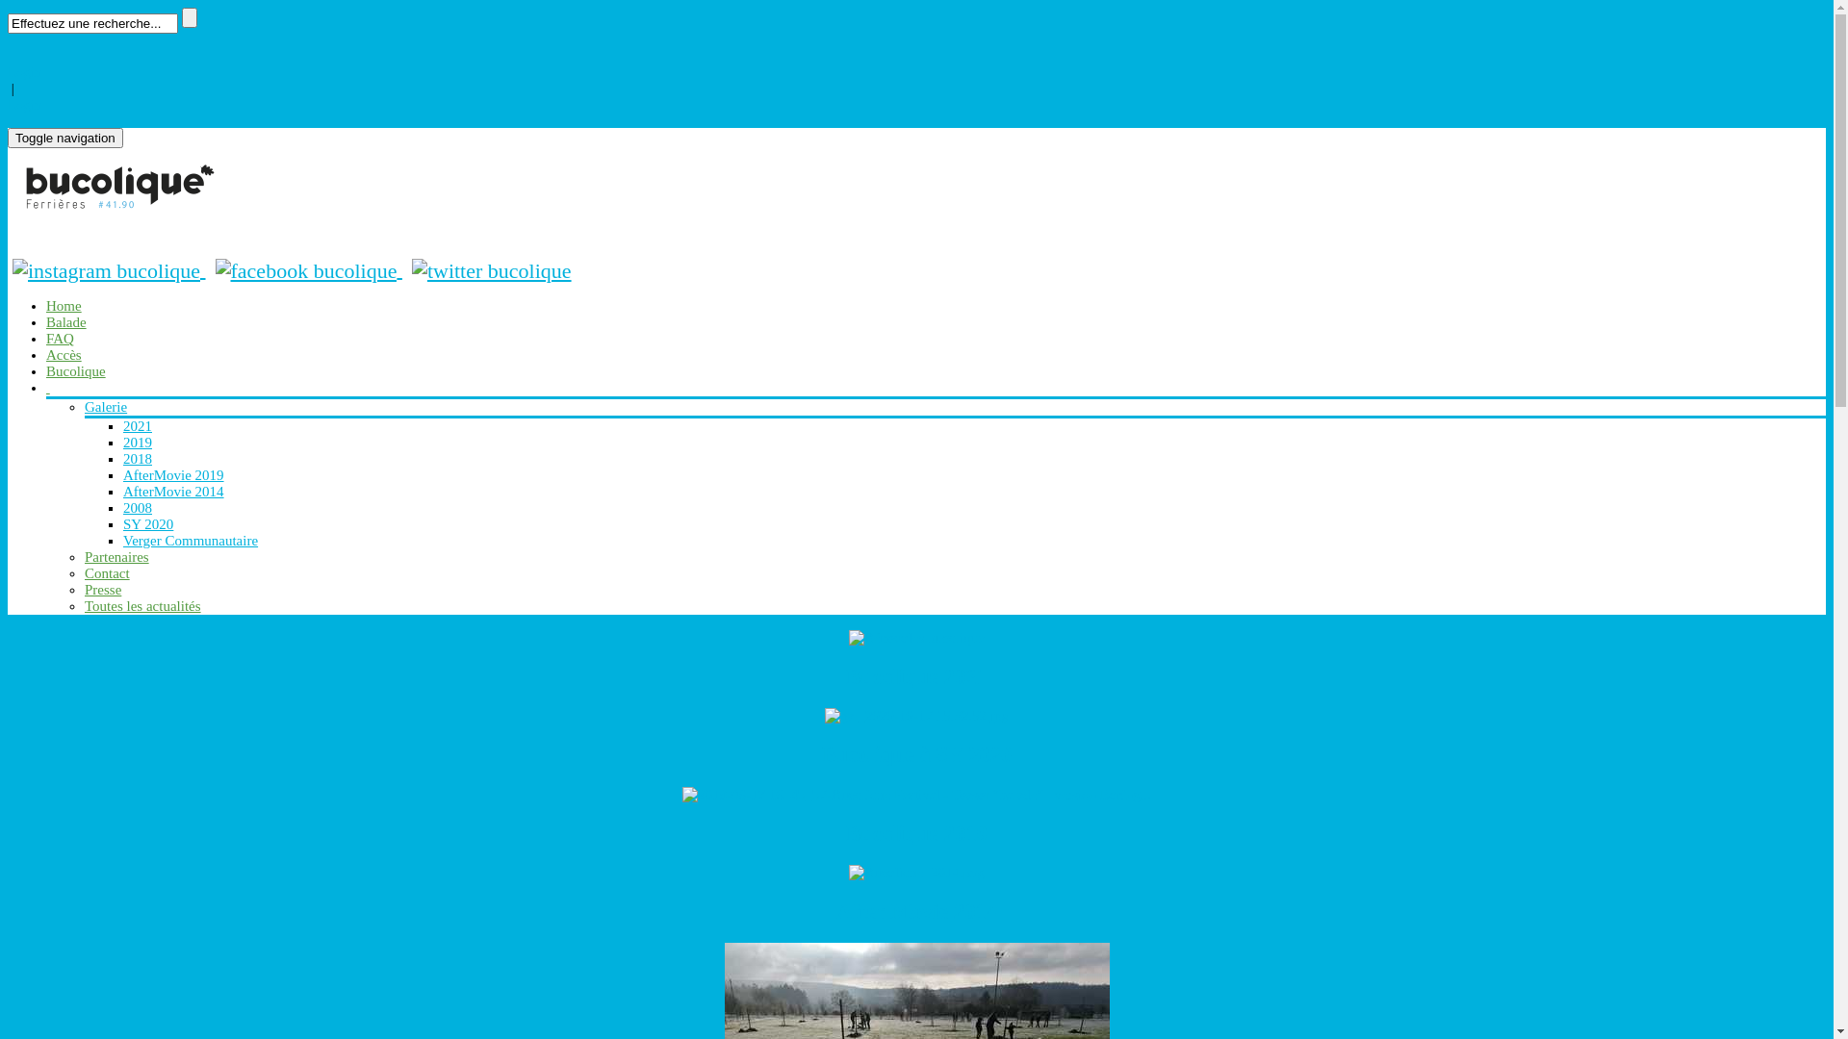  Describe the element at coordinates (46, 321) in the screenshot. I see `'Balade'` at that location.